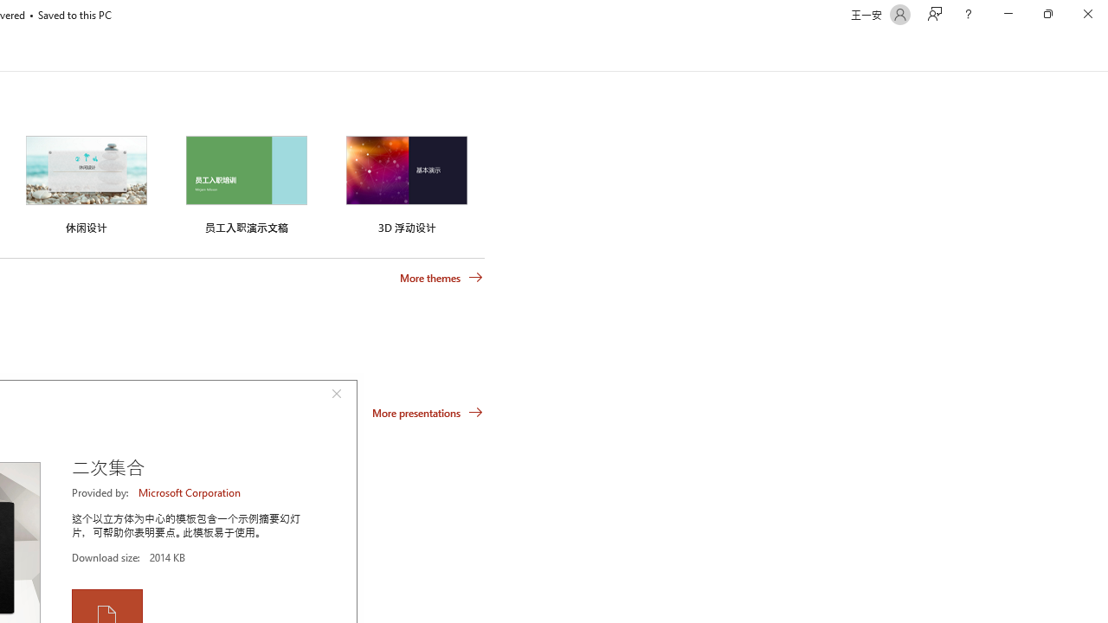 The image size is (1108, 623). Describe the element at coordinates (190, 492) in the screenshot. I see `'Microsoft Corporation'` at that location.